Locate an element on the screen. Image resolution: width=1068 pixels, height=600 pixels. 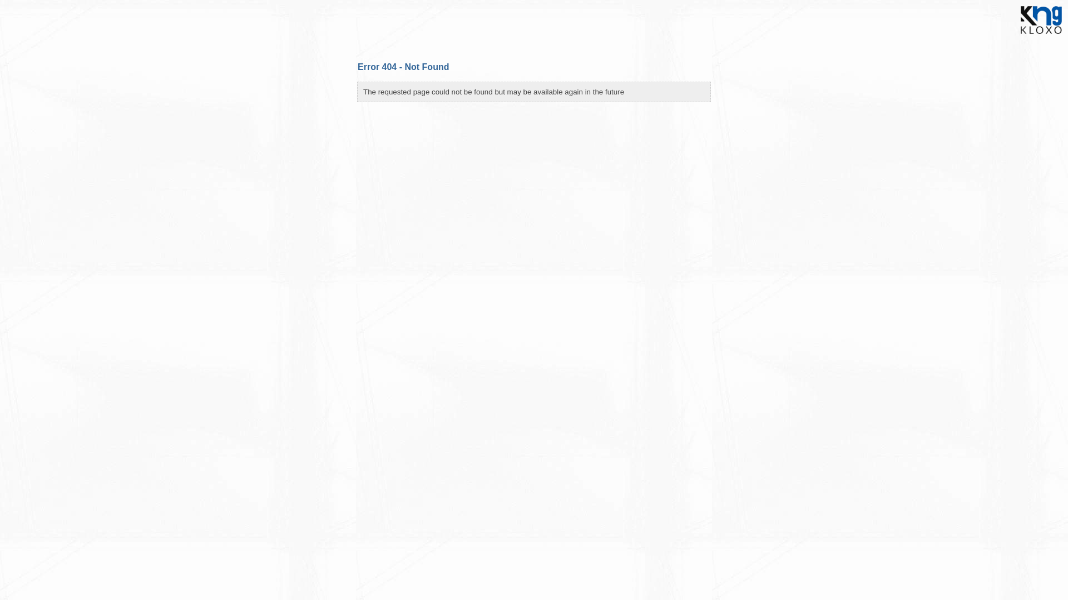
'KloxoNG website' is located at coordinates (1041, 36).